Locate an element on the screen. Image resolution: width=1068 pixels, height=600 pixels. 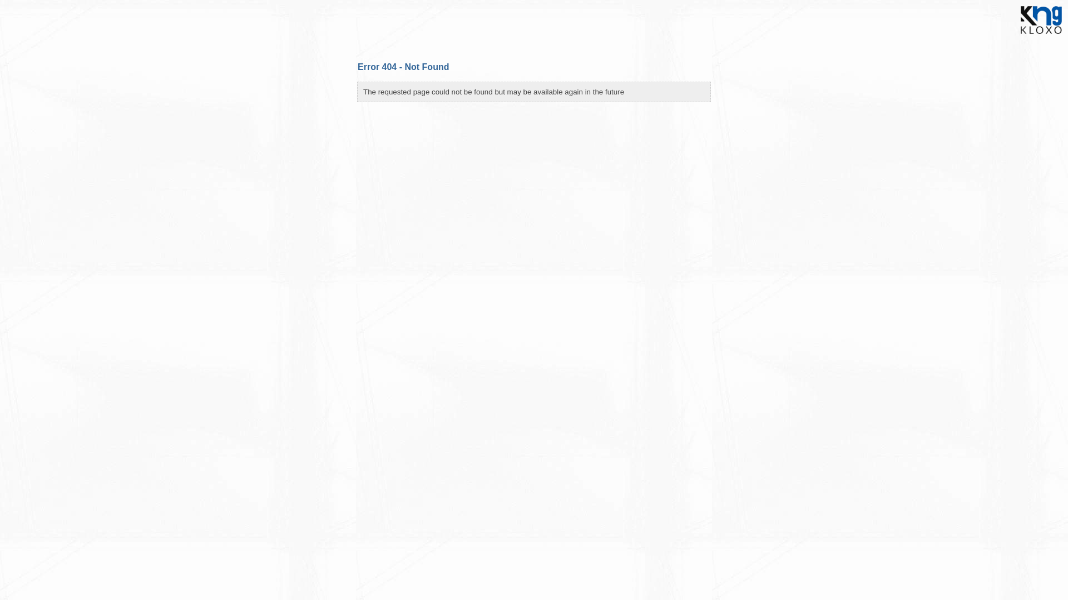
'KloxoNG website' is located at coordinates (1041, 36).